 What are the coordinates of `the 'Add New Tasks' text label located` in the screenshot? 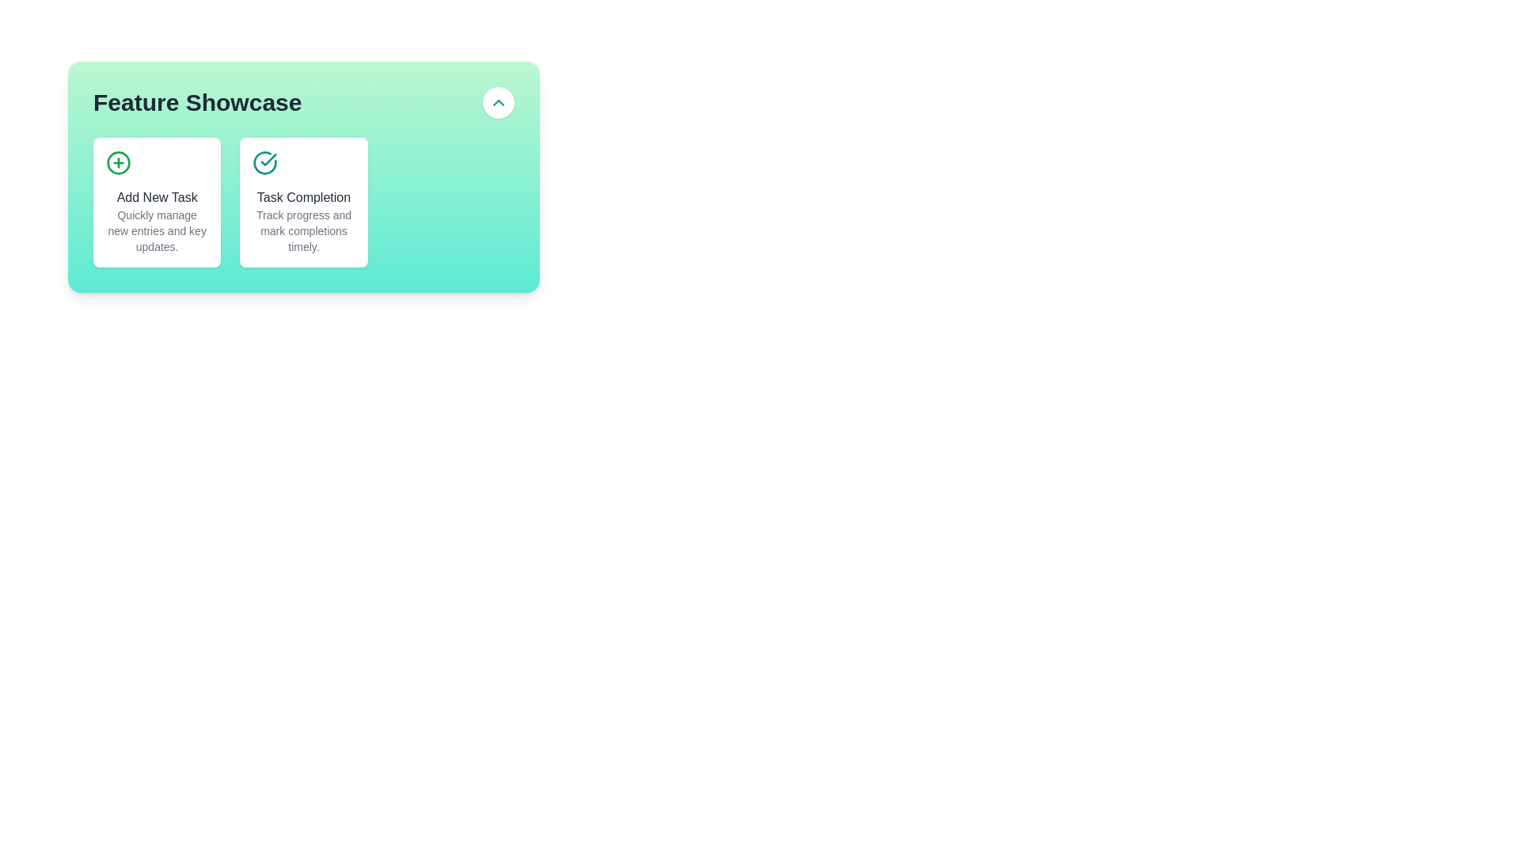 It's located at (157, 197).